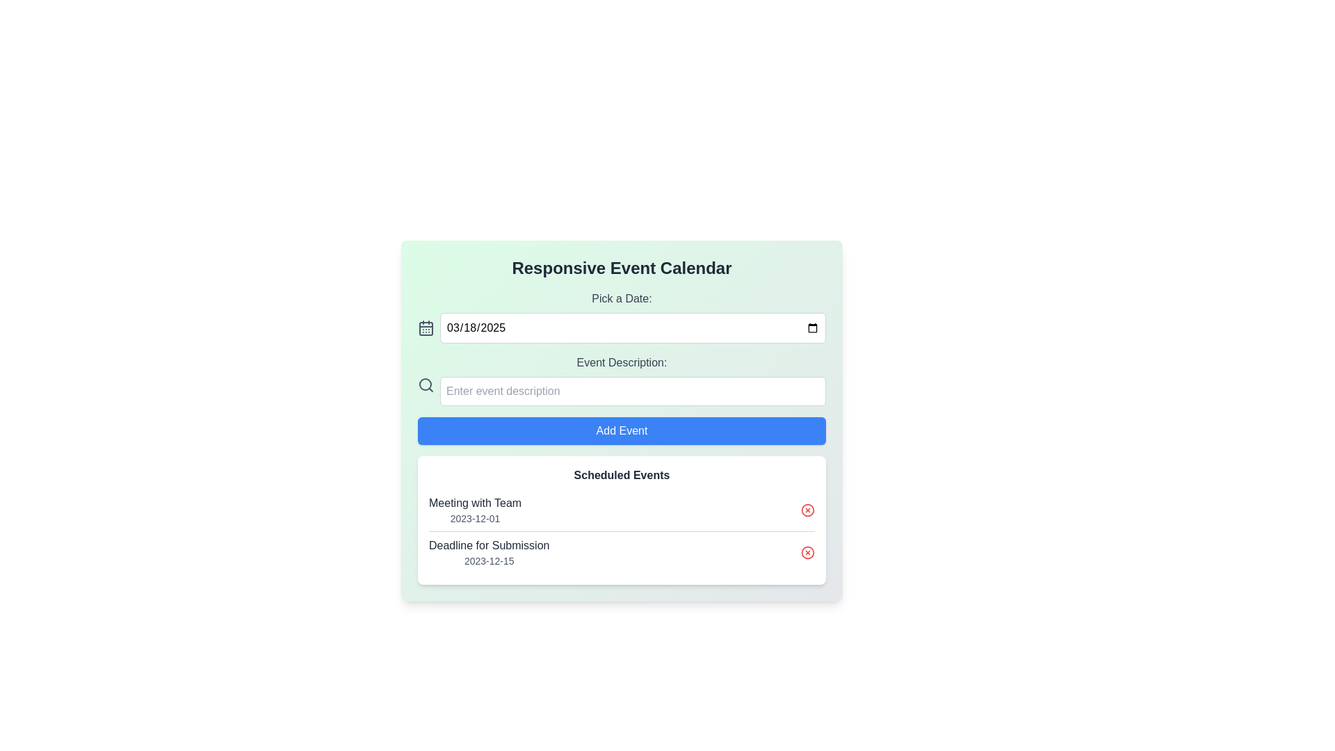 The width and height of the screenshot is (1335, 751). Describe the element at coordinates (426, 385) in the screenshot. I see `the search icon located on the left side of the text input field for event descriptions` at that location.